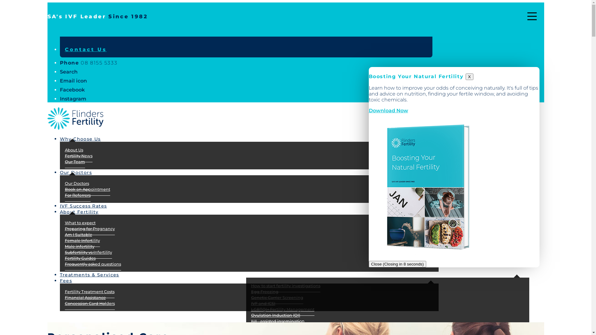  What do you see at coordinates (78, 234) in the screenshot?
I see `'Am I Suitable'` at bounding box center [78, 234].